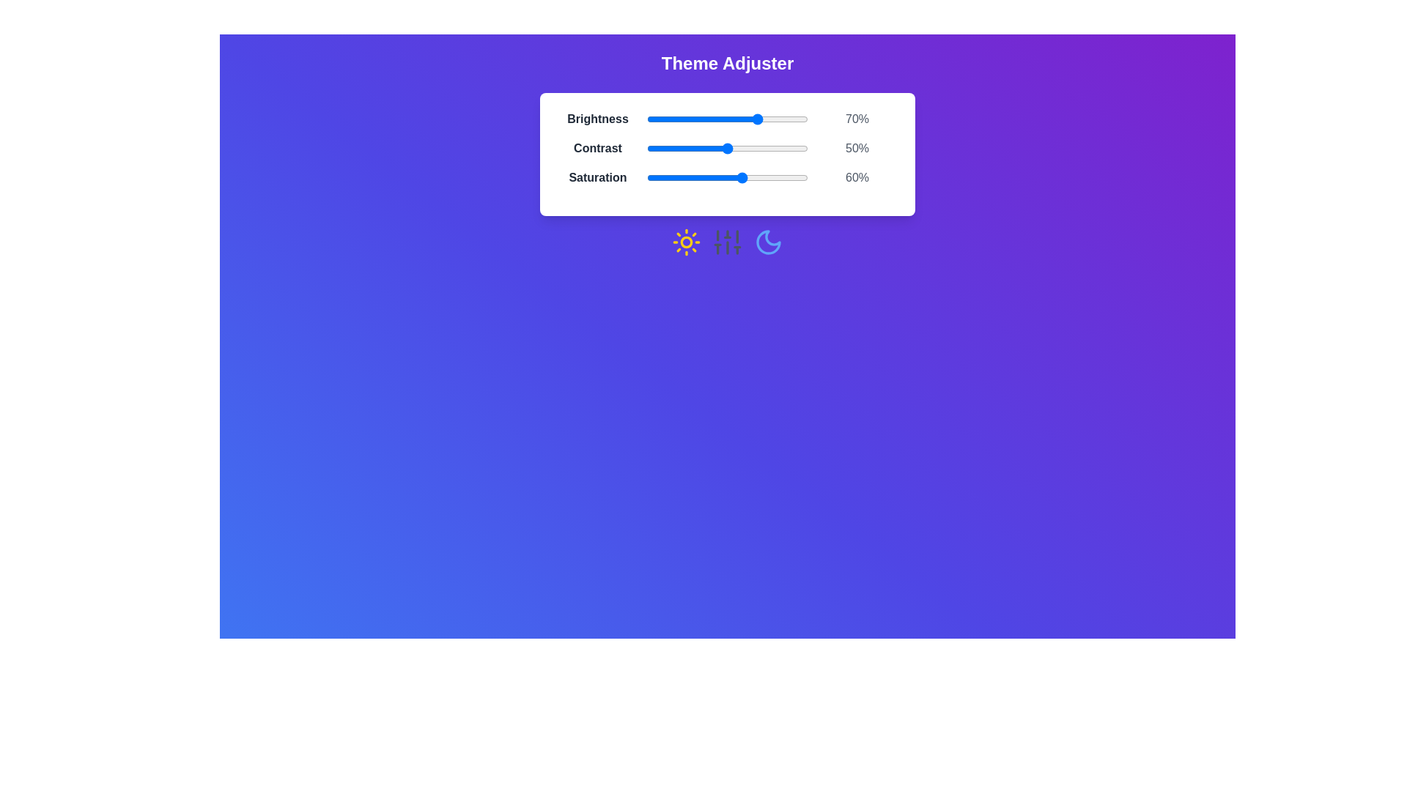  Describe the element at coordinates (721, 149) in the screenshot. I see `the 1 slider to 46%` at that location.